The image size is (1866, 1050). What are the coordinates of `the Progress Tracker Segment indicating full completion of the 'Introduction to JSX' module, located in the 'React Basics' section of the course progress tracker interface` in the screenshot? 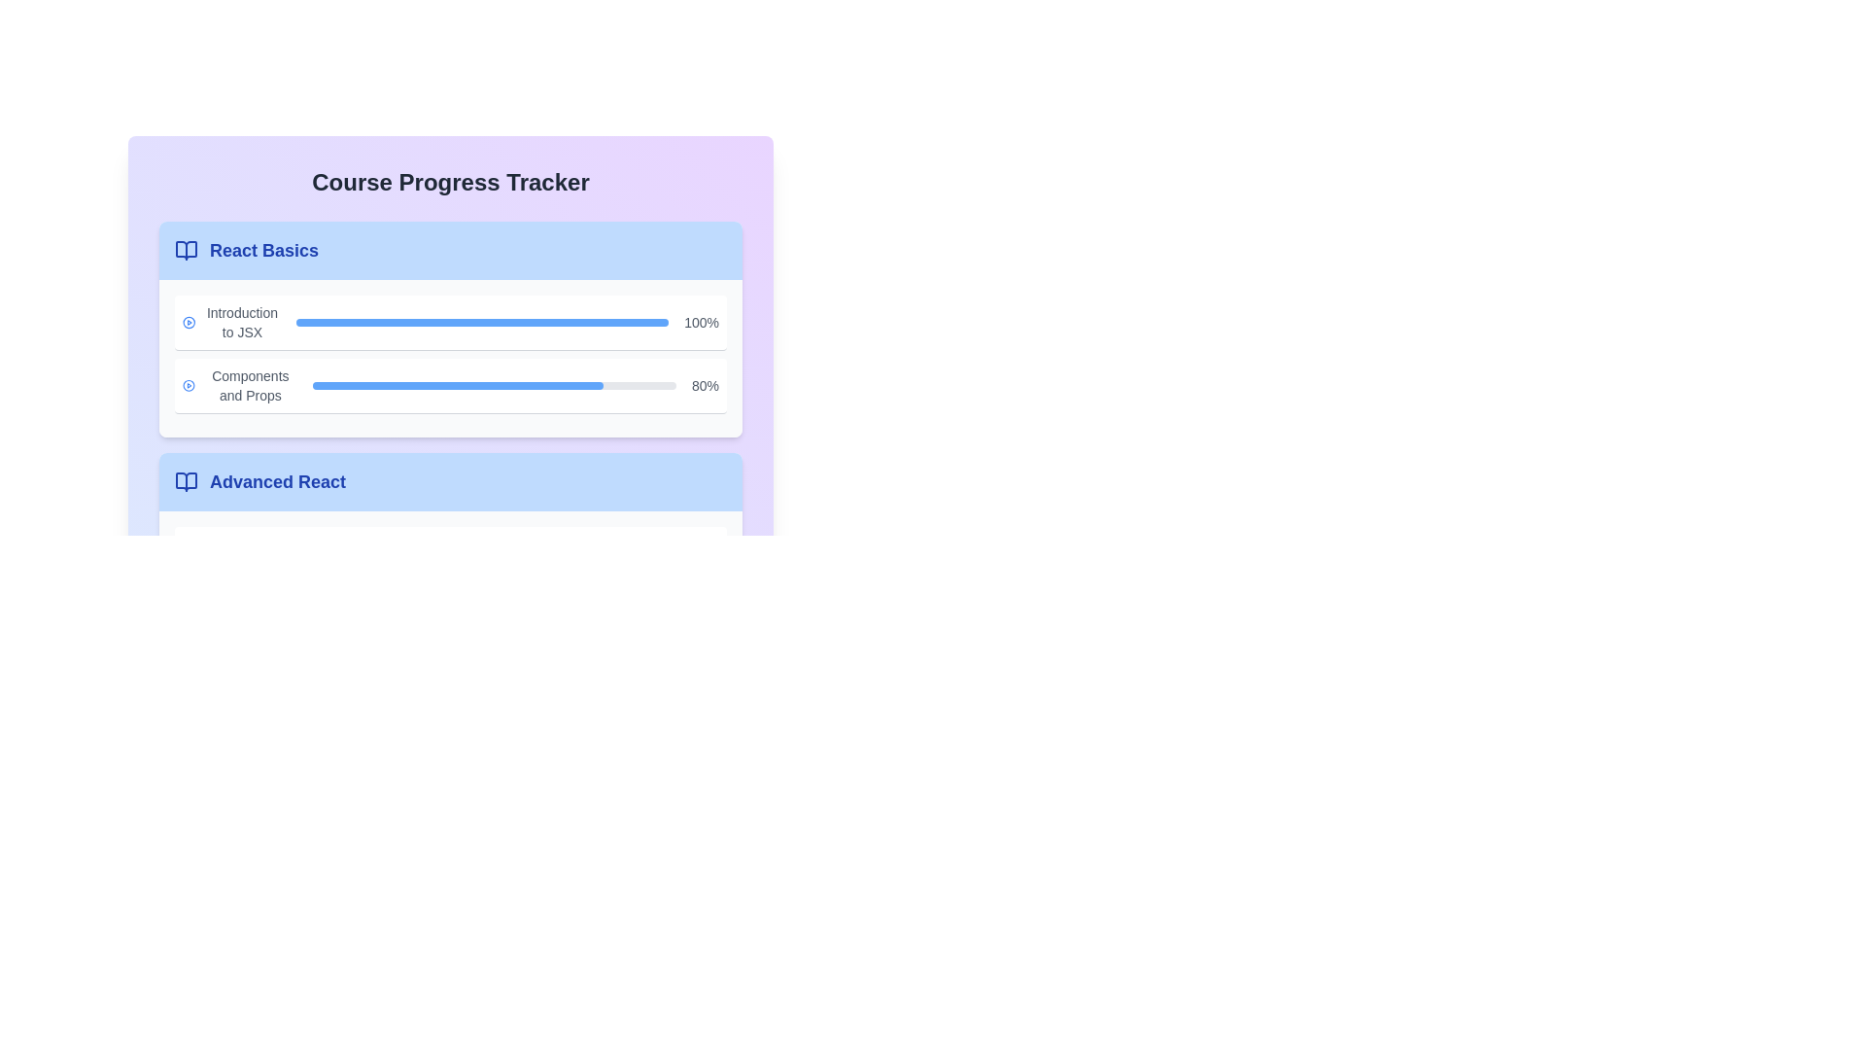 It's located at (450, 322).